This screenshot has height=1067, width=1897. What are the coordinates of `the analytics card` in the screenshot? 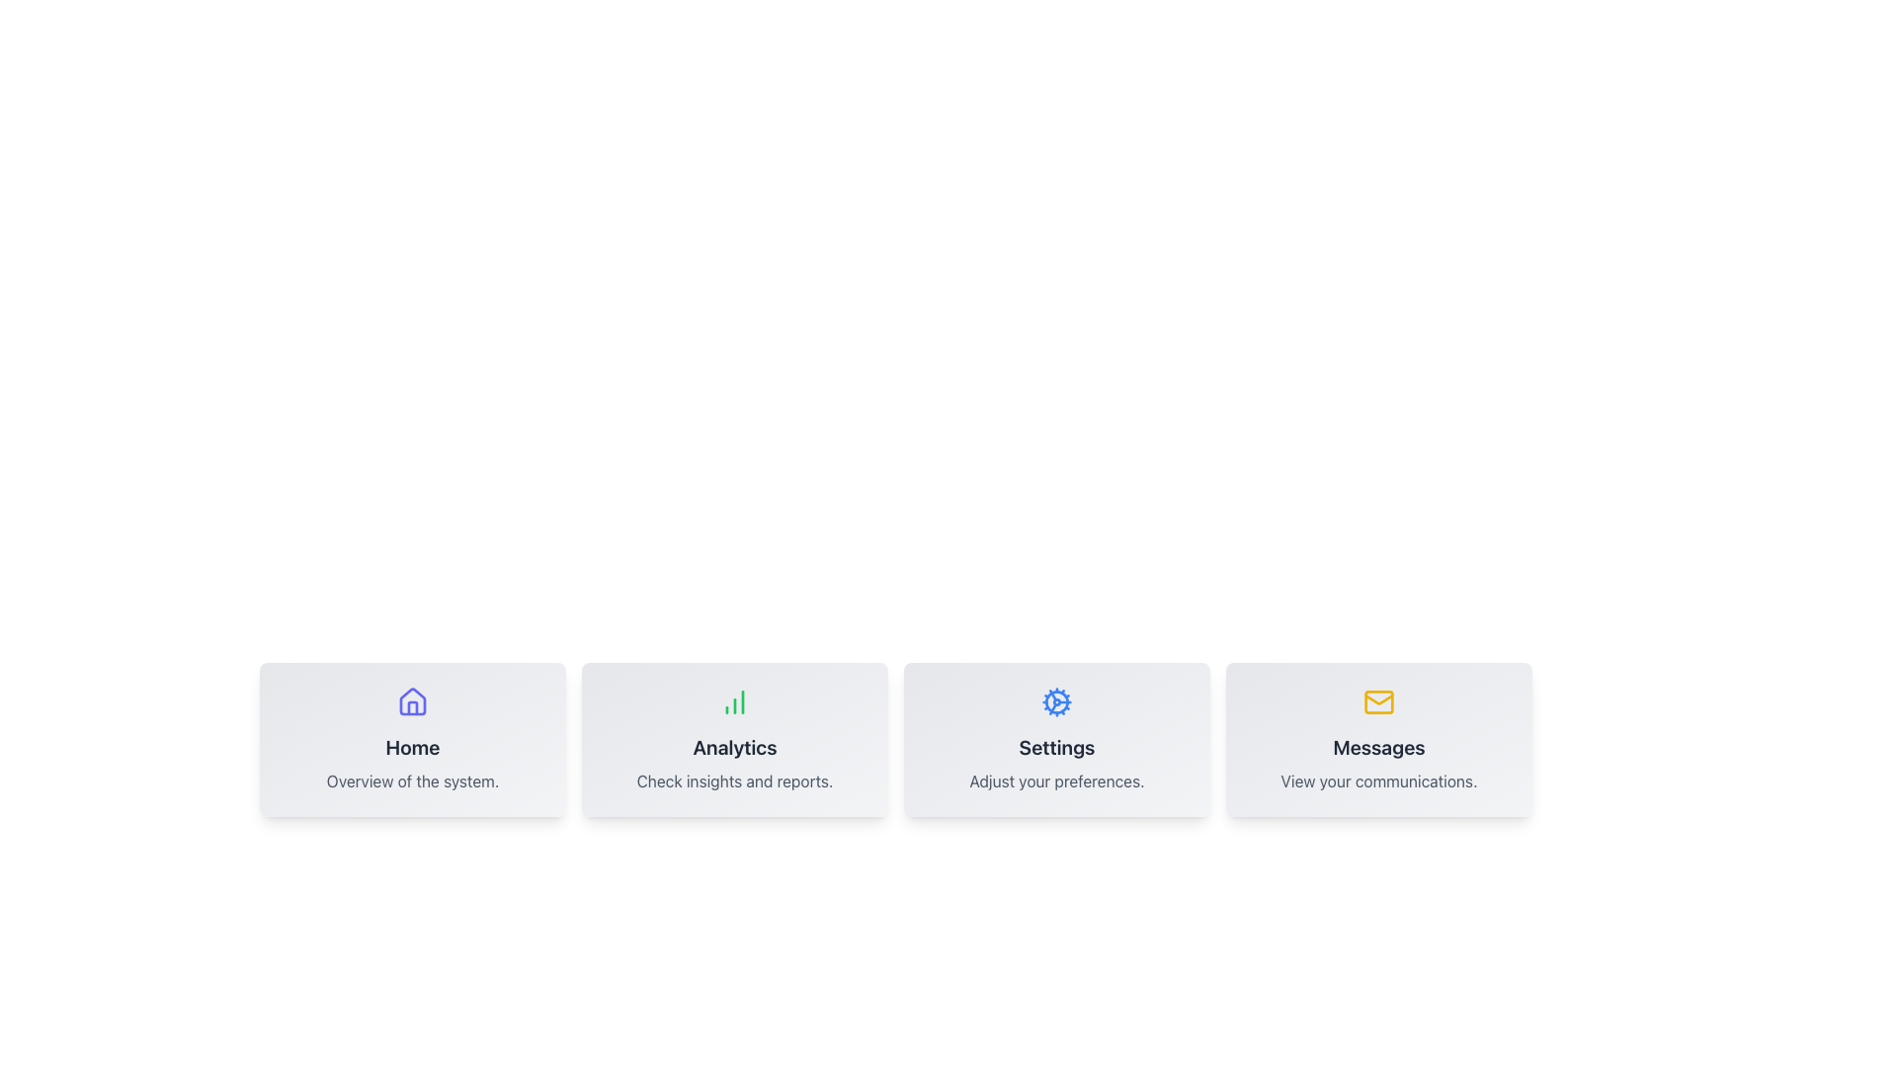 It's located at (734, 739).